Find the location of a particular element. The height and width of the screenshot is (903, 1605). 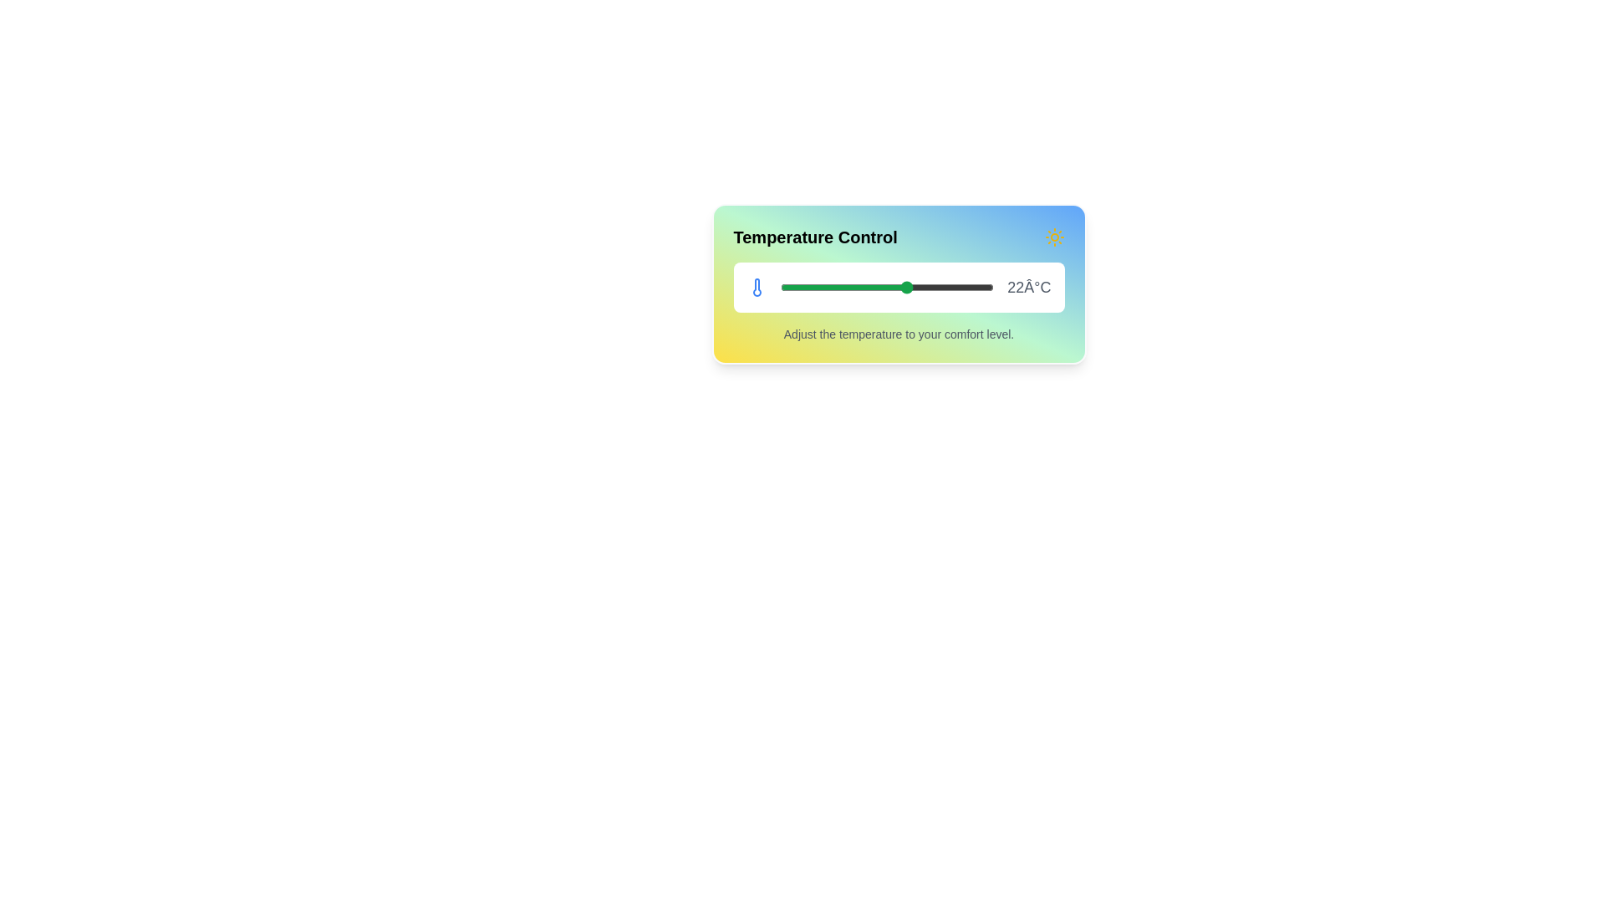

temperature is located at coordinates (875, 286).